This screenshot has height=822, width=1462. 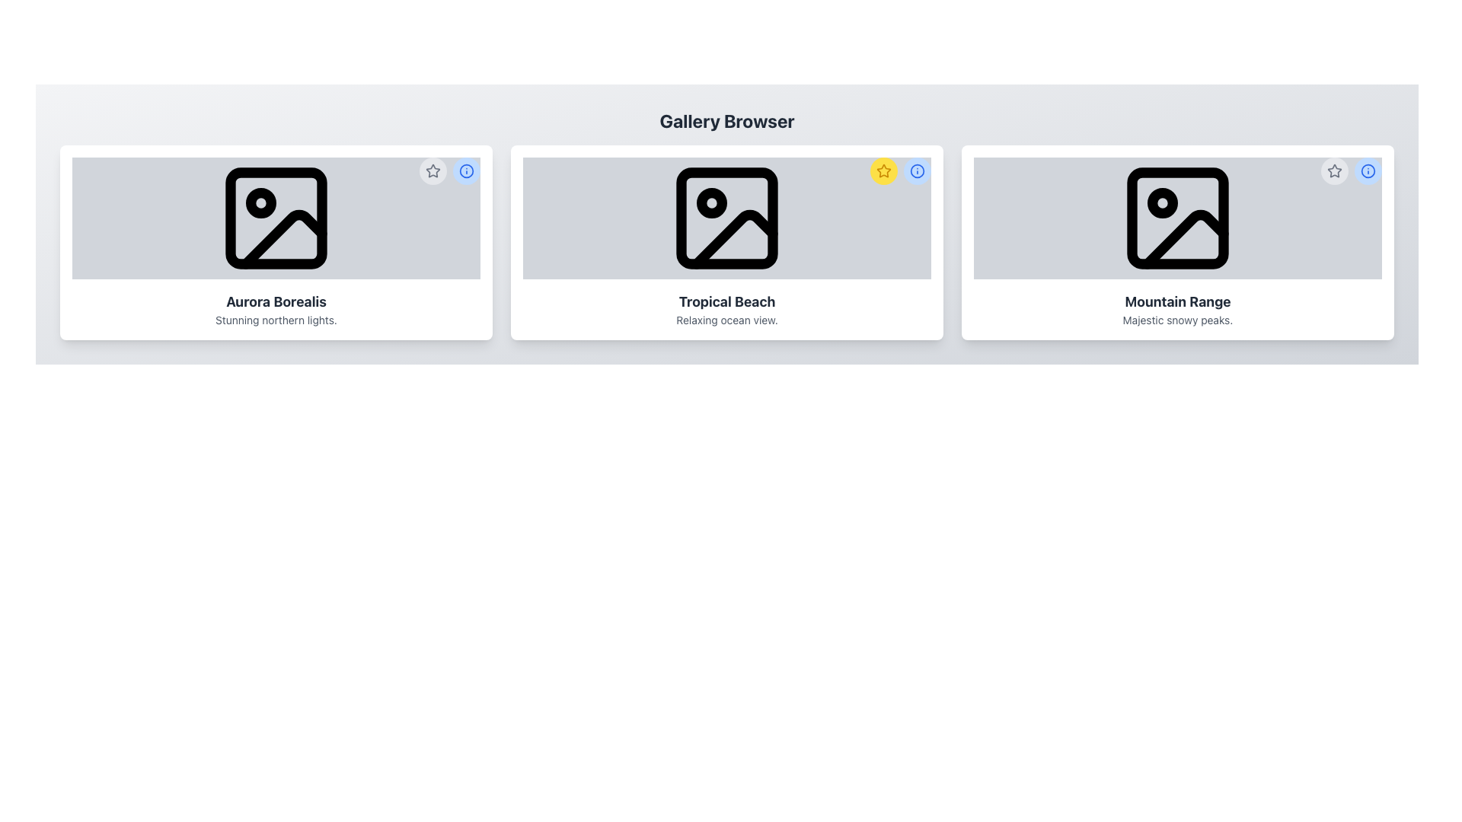 I want to click on descriptive text label located below the title text 'Aurora Borealis' in the first card of the gallery item, so click(x=276, y=319).